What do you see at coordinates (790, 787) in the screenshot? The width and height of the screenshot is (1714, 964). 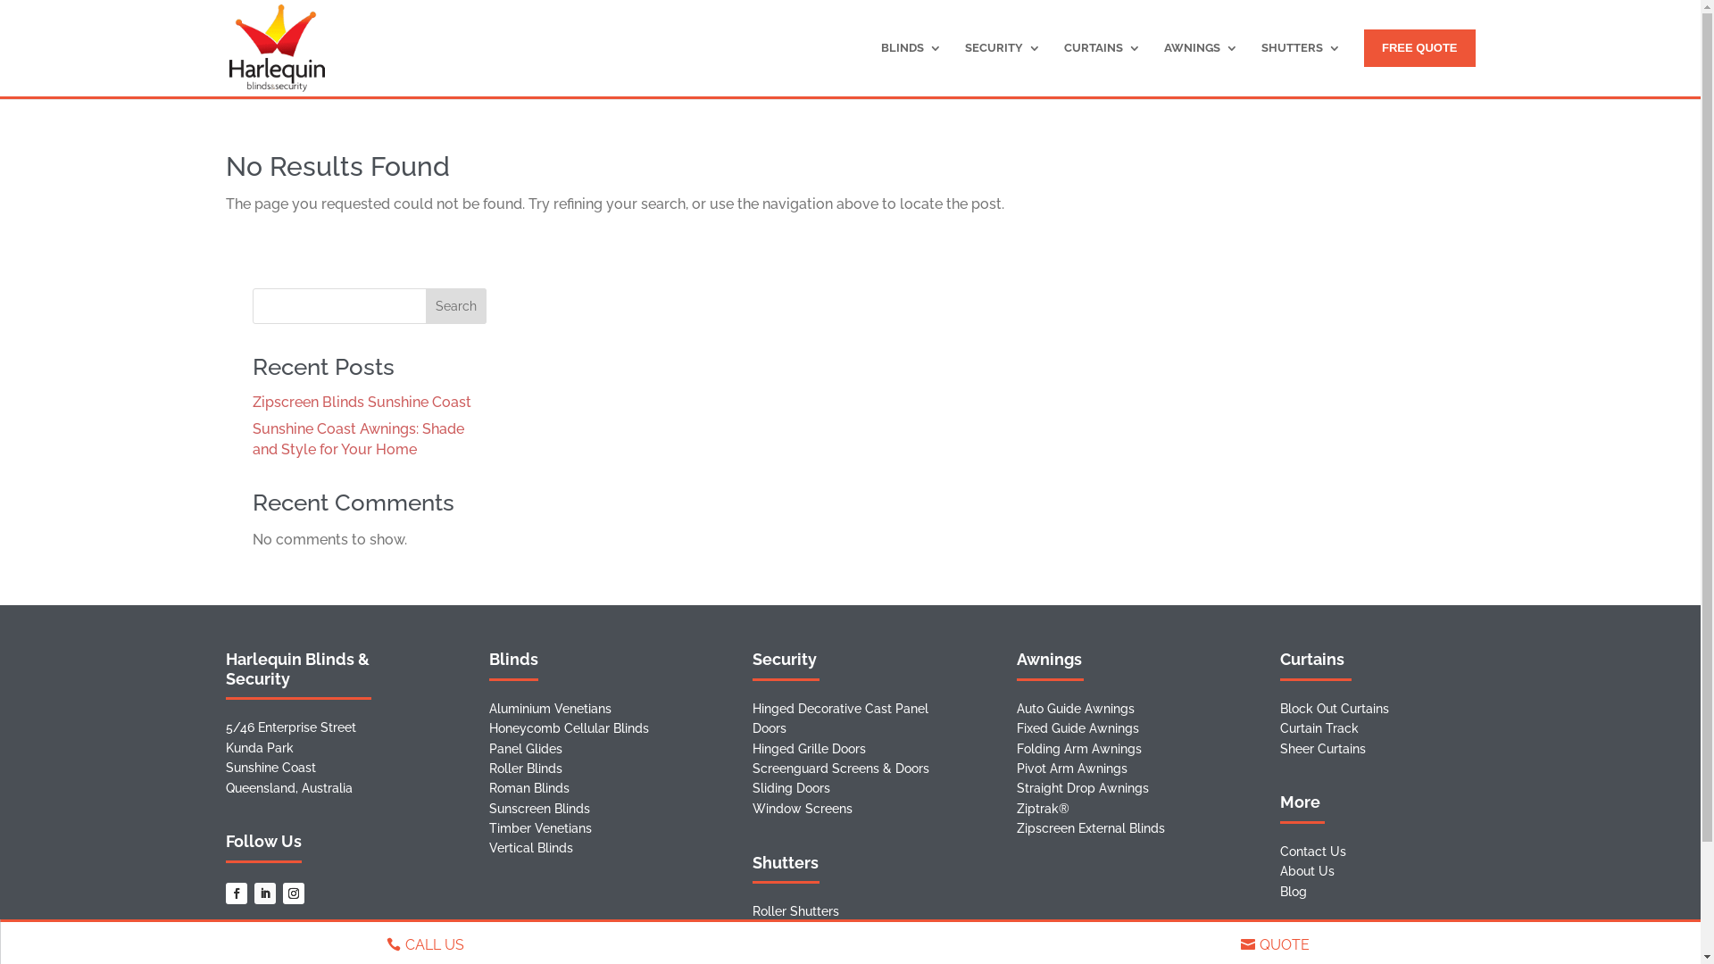 I see `'Sliding Doors'` at bounding box center [790, 787].